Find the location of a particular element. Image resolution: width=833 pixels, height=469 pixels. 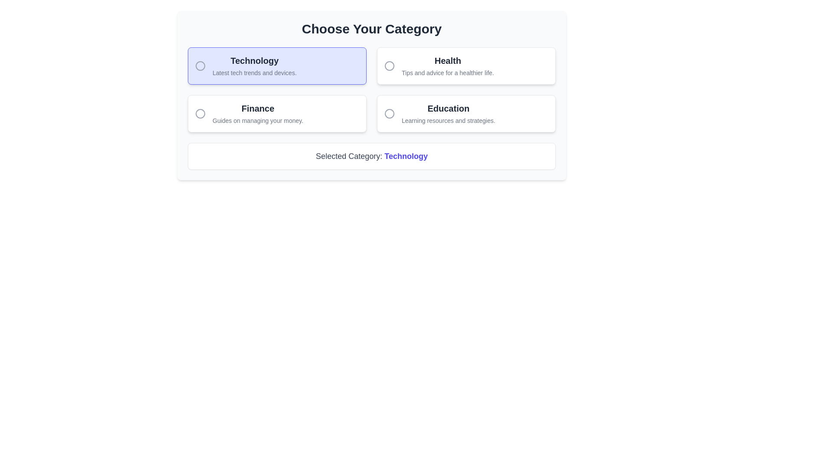

the 'Technology' radio button is located at coordinates (276, 65).